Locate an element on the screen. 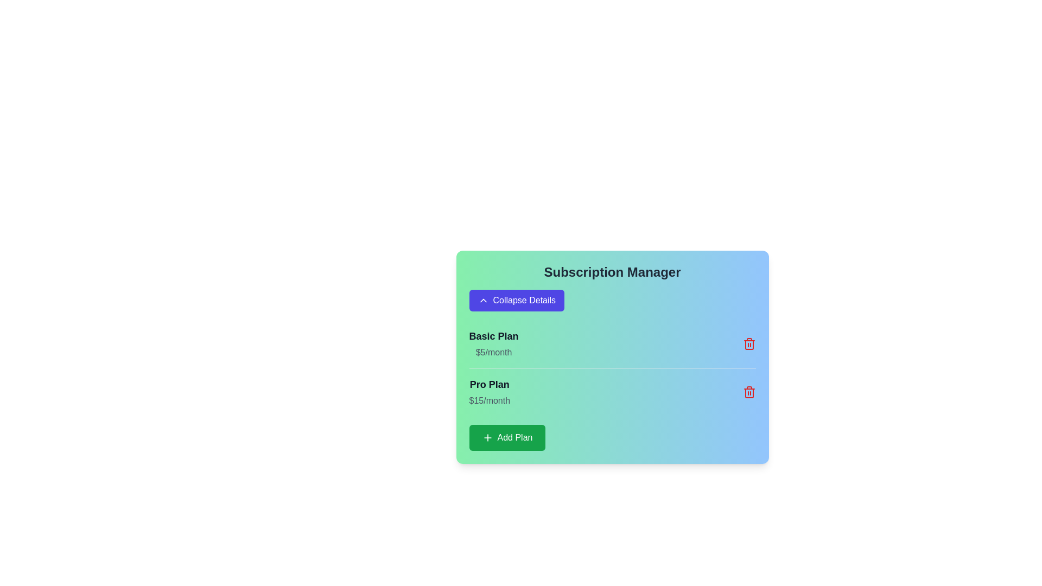  the 'Add Plan' button located at the bottom-left of the subscription manager interface, which contains a green plus (+) icon with rounded edges is located at coordinates (487, 437).